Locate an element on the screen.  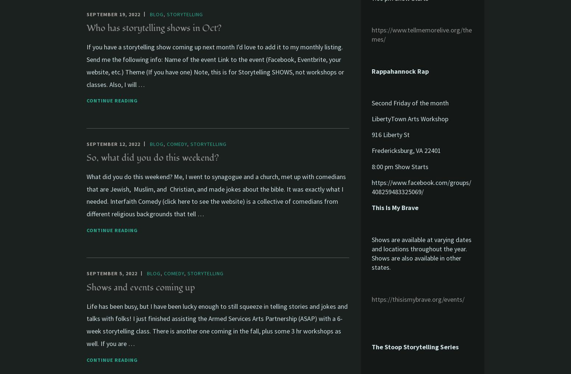
'Life has been busy, but I have been lucky enough to still squeeze in telling stories and jokes and talks with folks! I just finished assisting the Armed Services Arts Partnership (ASAP) with a 6-week storytelling class. There is another one coming in the fall, plus some 3 hr workshops as well. If you are …' is located at coordinates (217, 324).